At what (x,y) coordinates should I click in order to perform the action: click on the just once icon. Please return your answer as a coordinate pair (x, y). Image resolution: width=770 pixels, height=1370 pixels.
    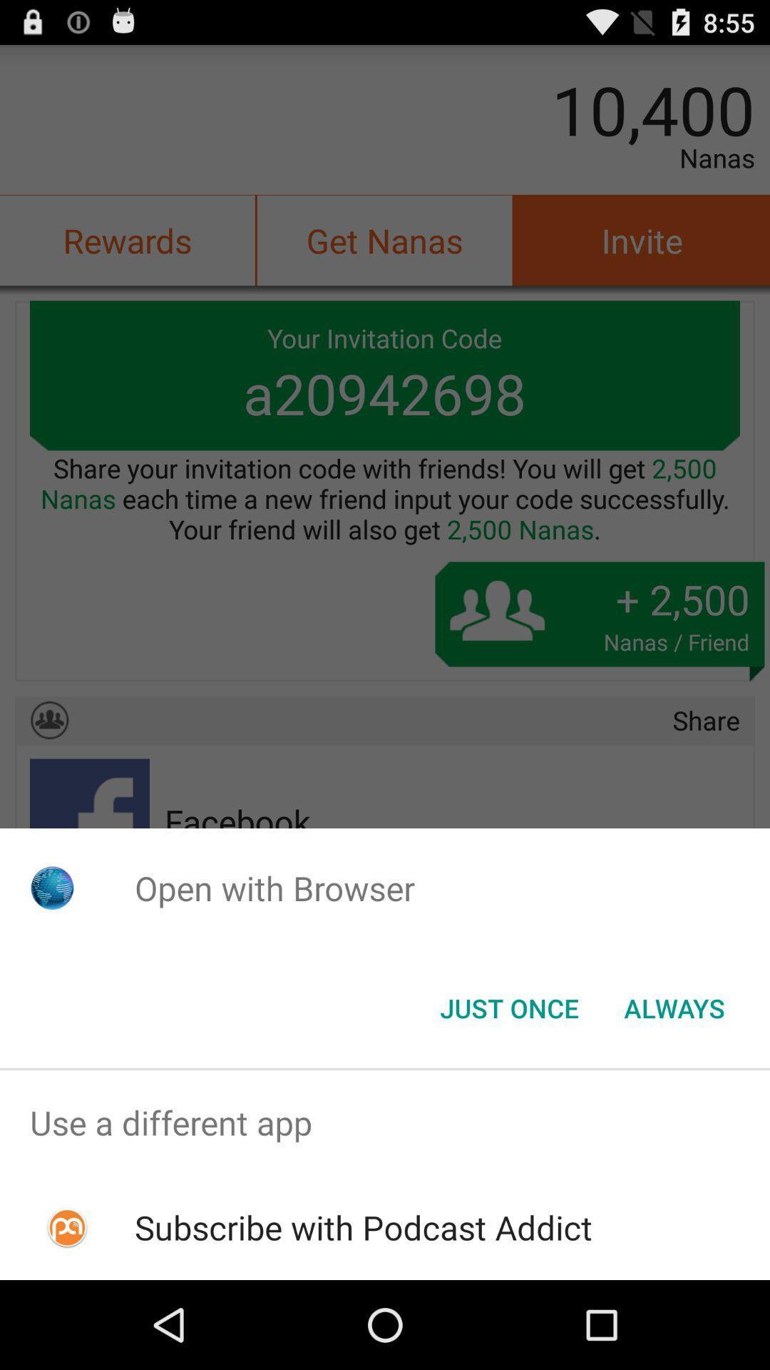
    Looking at the image, I should click on (508, 1007).